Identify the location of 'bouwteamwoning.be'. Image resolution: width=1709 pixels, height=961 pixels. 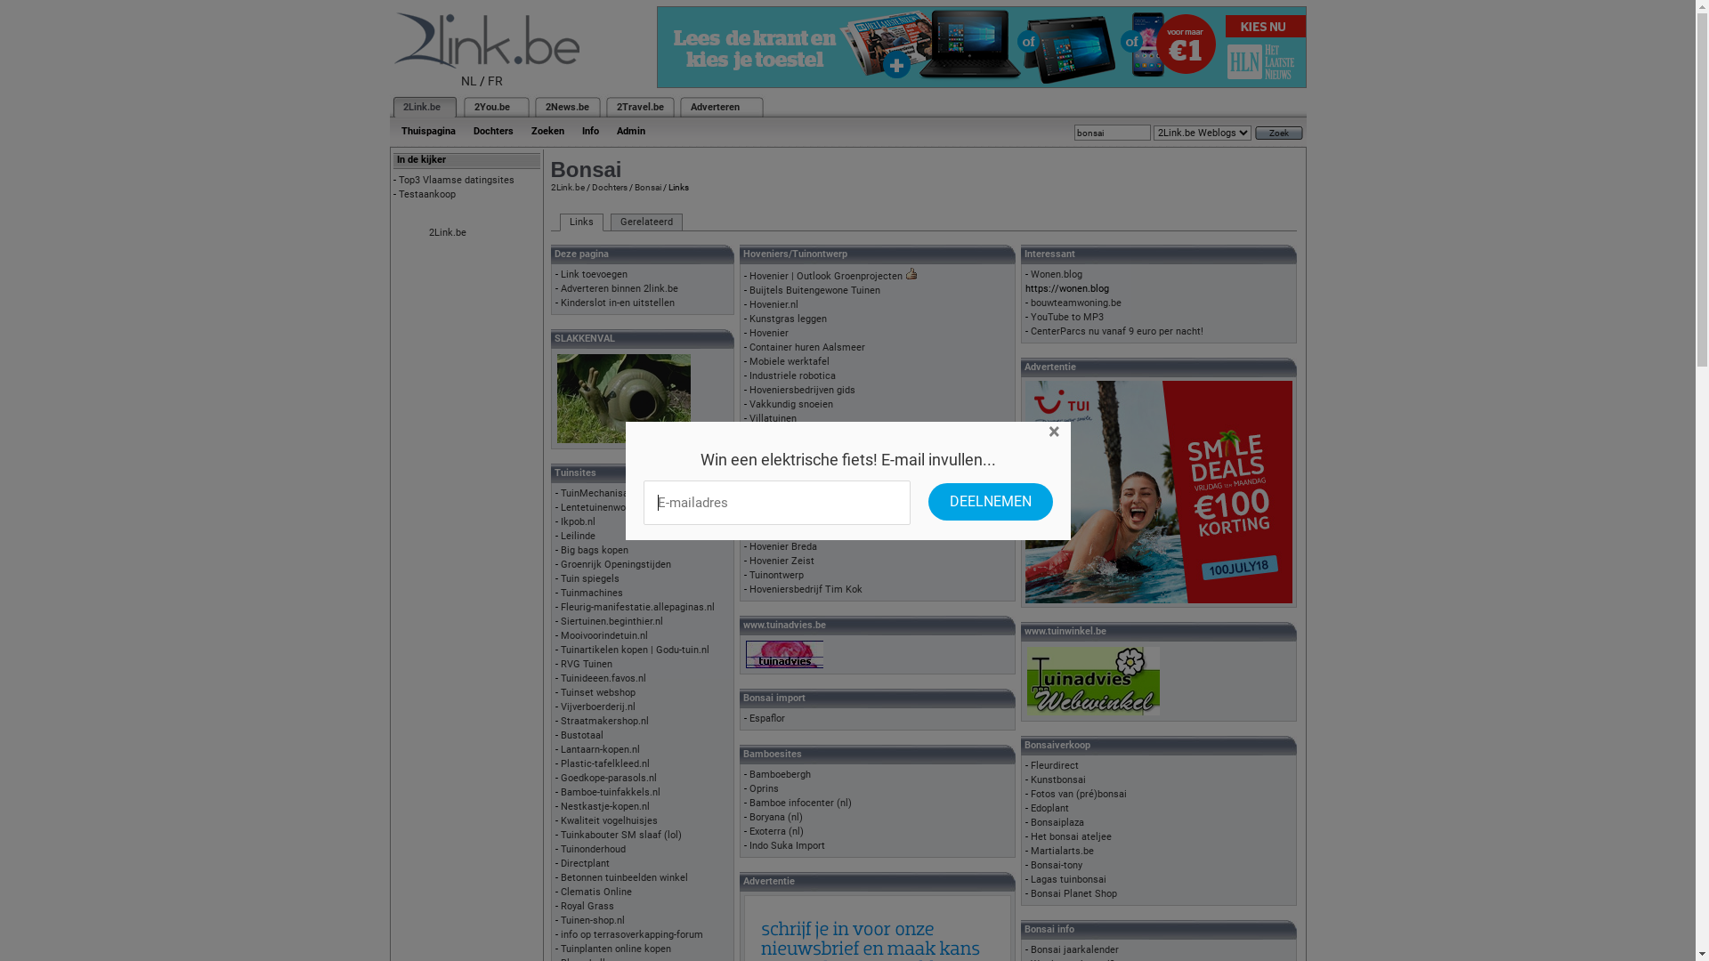
(1075, 302).